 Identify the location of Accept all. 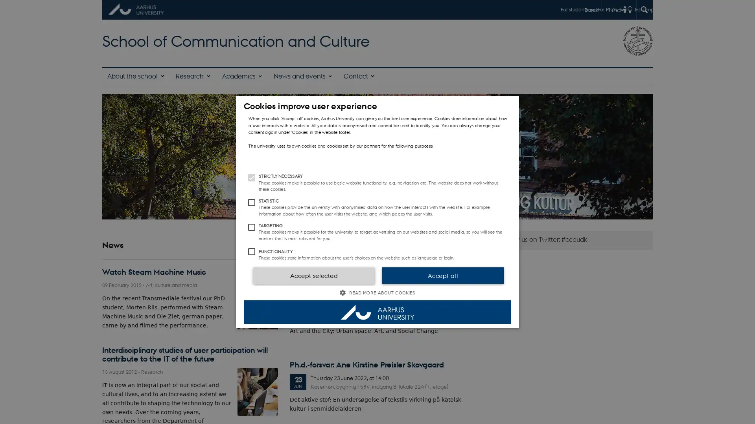
(443, 275).